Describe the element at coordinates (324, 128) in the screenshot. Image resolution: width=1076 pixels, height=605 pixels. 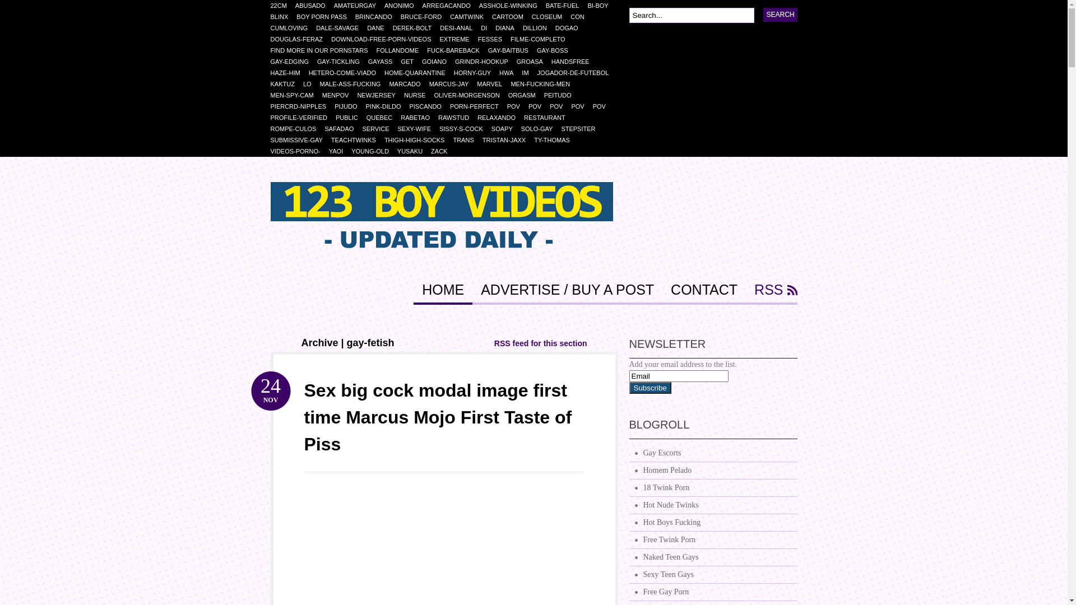
I see `'SAFADAO'` at that location.